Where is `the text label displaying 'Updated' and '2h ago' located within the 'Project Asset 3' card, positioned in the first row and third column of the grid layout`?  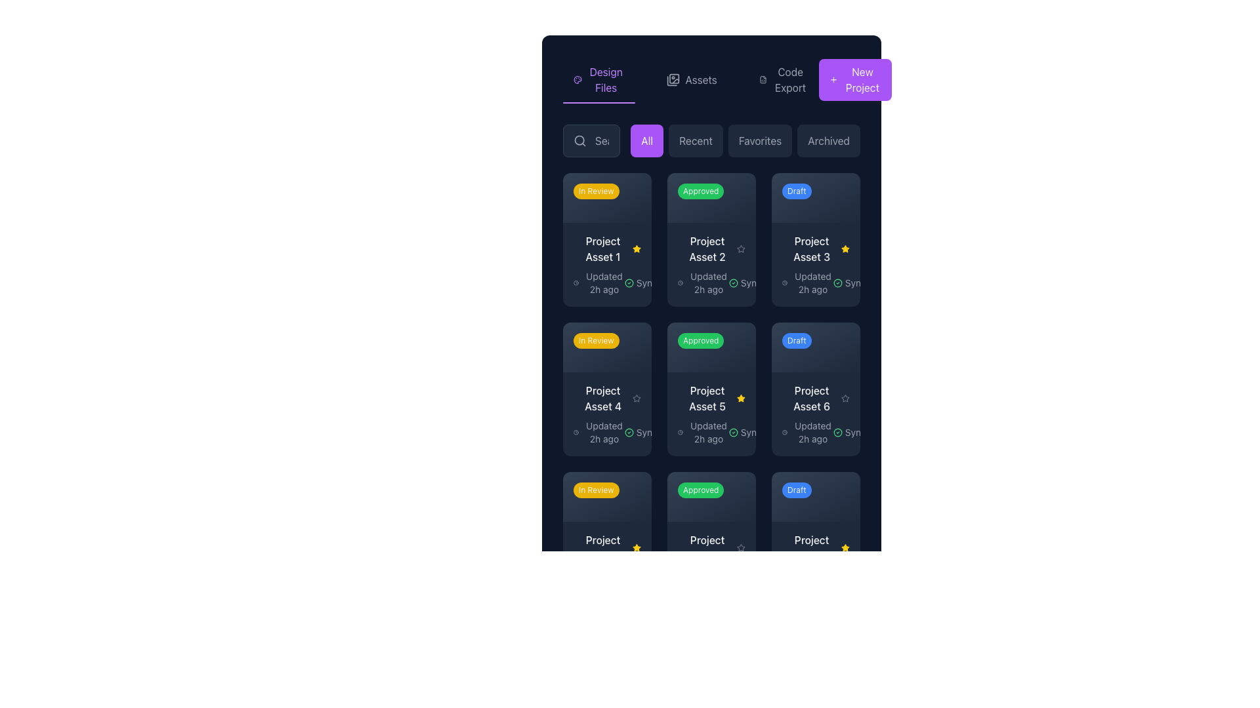
the text label displaying 'Updated' and '2h ago' located within the 'Project Asset 3' card, positioned in the first row and third column of the grid layout is located at coordinates (812, 282).